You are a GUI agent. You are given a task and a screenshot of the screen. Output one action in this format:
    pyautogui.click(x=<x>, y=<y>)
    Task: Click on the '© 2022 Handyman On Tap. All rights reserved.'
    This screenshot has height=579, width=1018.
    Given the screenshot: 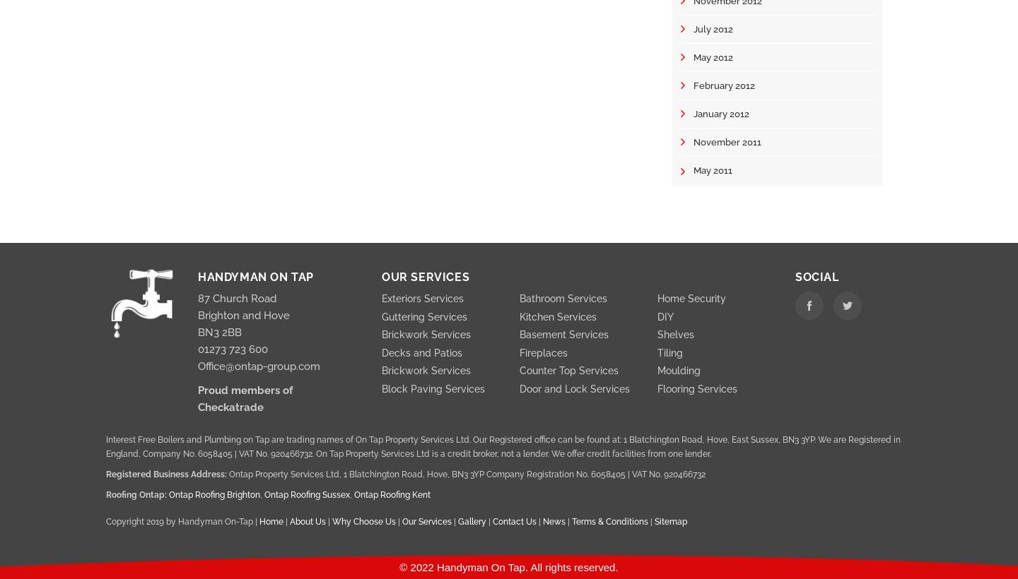 What is the action you would take?
    pyautogui.click(x=508, y=566)
    